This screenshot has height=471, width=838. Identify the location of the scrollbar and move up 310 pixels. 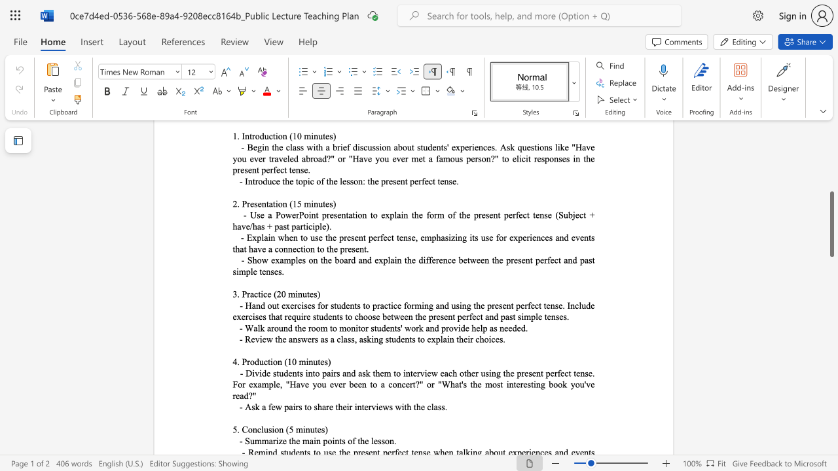
(831, 223).